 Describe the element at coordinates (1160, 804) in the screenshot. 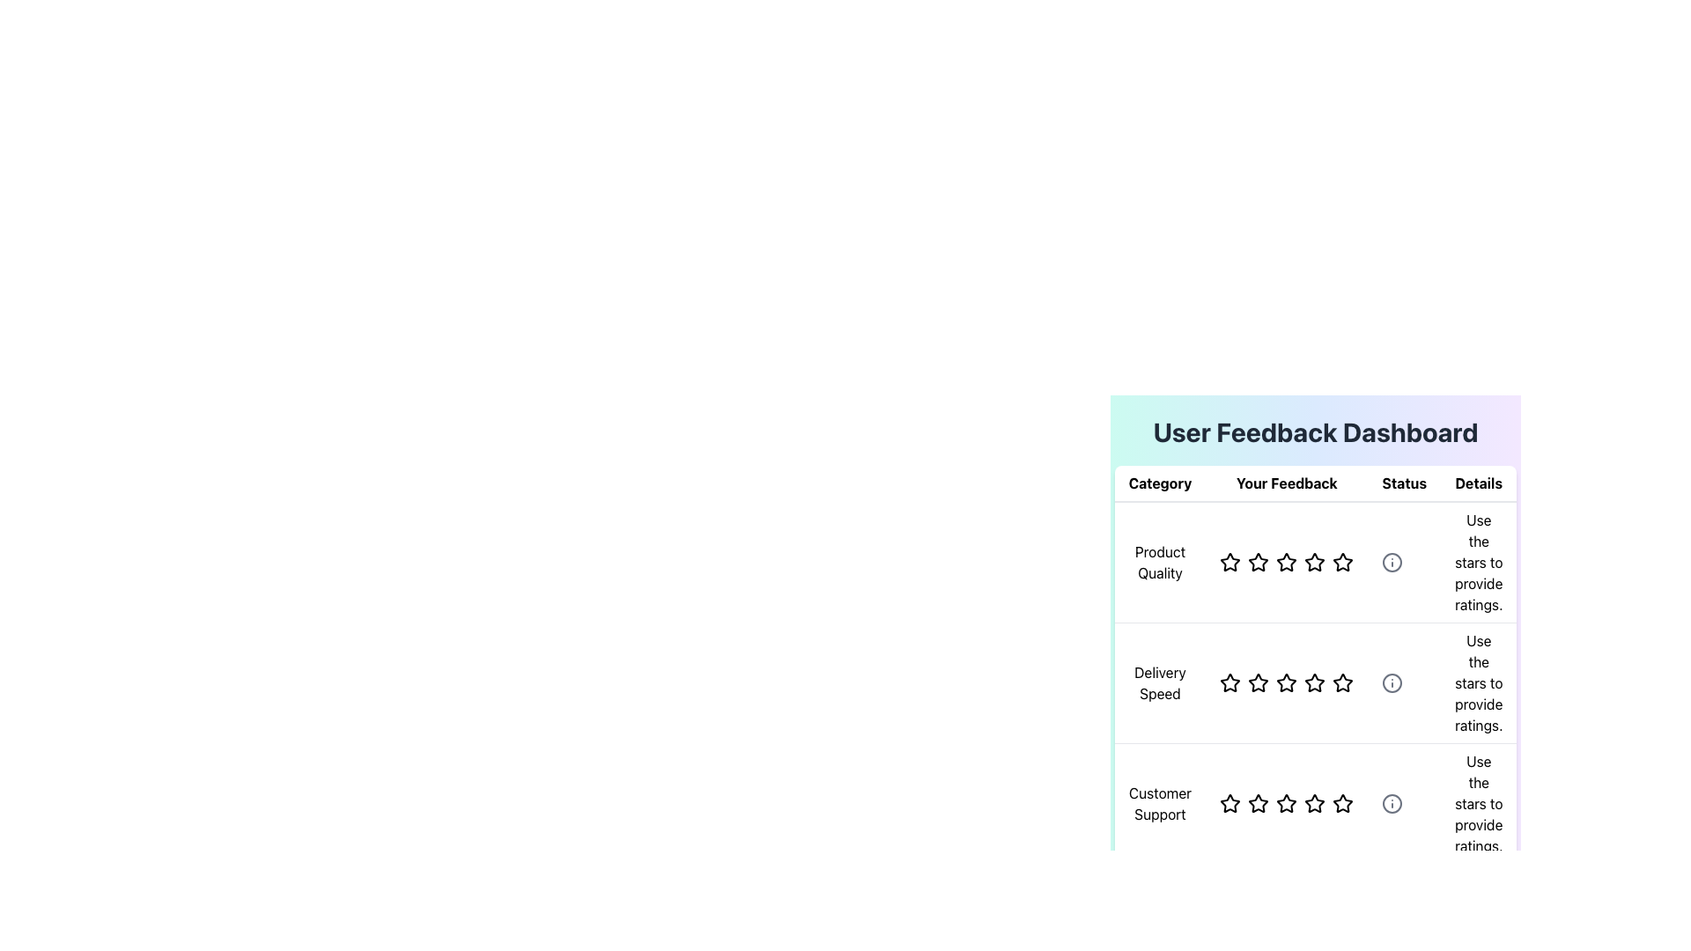

I see `the 'Customer Support' text element` at that location.